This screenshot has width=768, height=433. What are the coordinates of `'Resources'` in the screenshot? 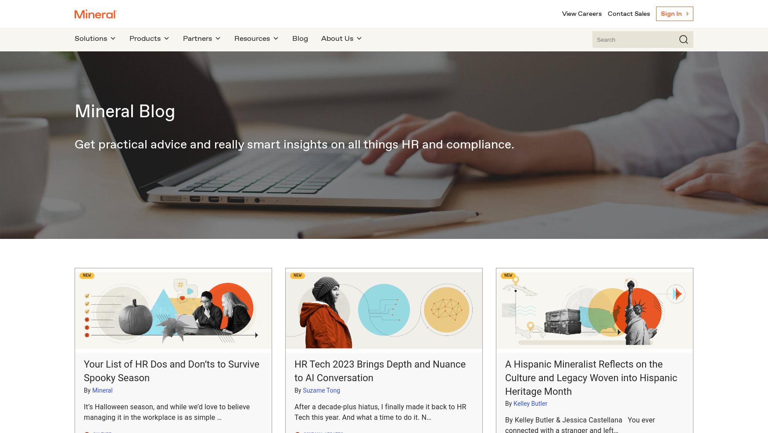 It's located at (252, 38).